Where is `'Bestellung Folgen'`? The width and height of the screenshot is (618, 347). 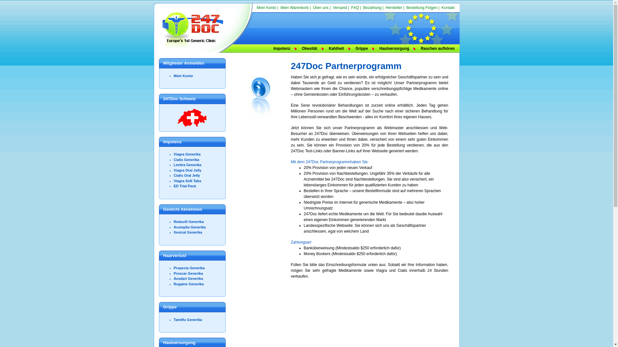
'Bestellung Folgen' is located at coordinates (422, 7).